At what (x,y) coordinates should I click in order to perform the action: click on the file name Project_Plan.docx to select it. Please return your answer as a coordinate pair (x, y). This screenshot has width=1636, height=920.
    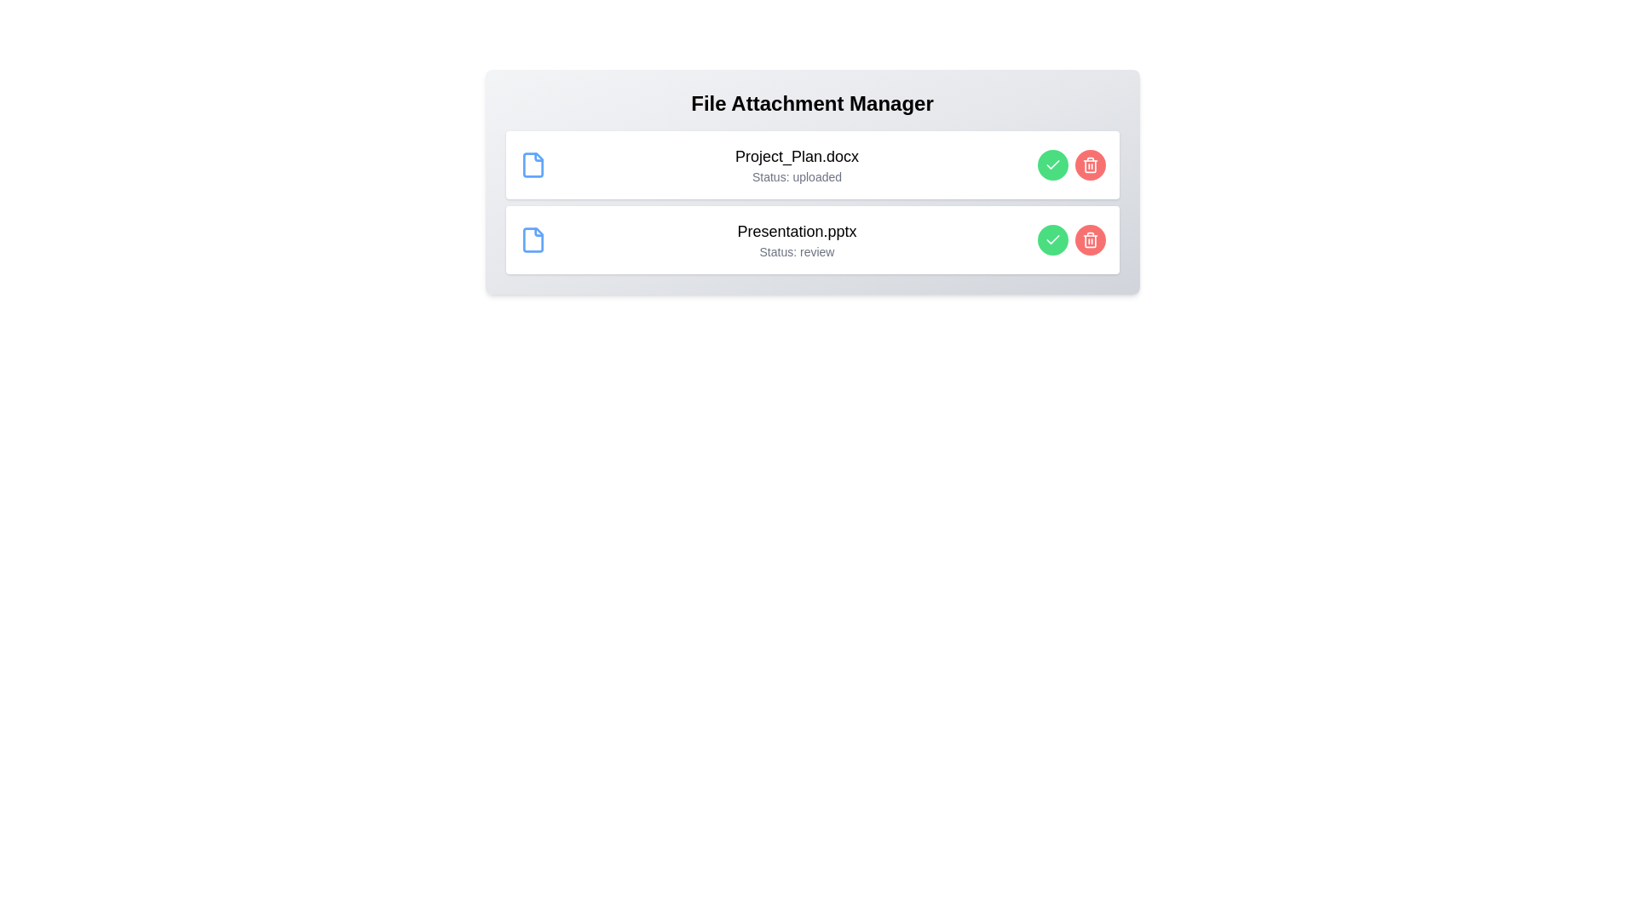
    Looking at the image, I should click on (796, 157).